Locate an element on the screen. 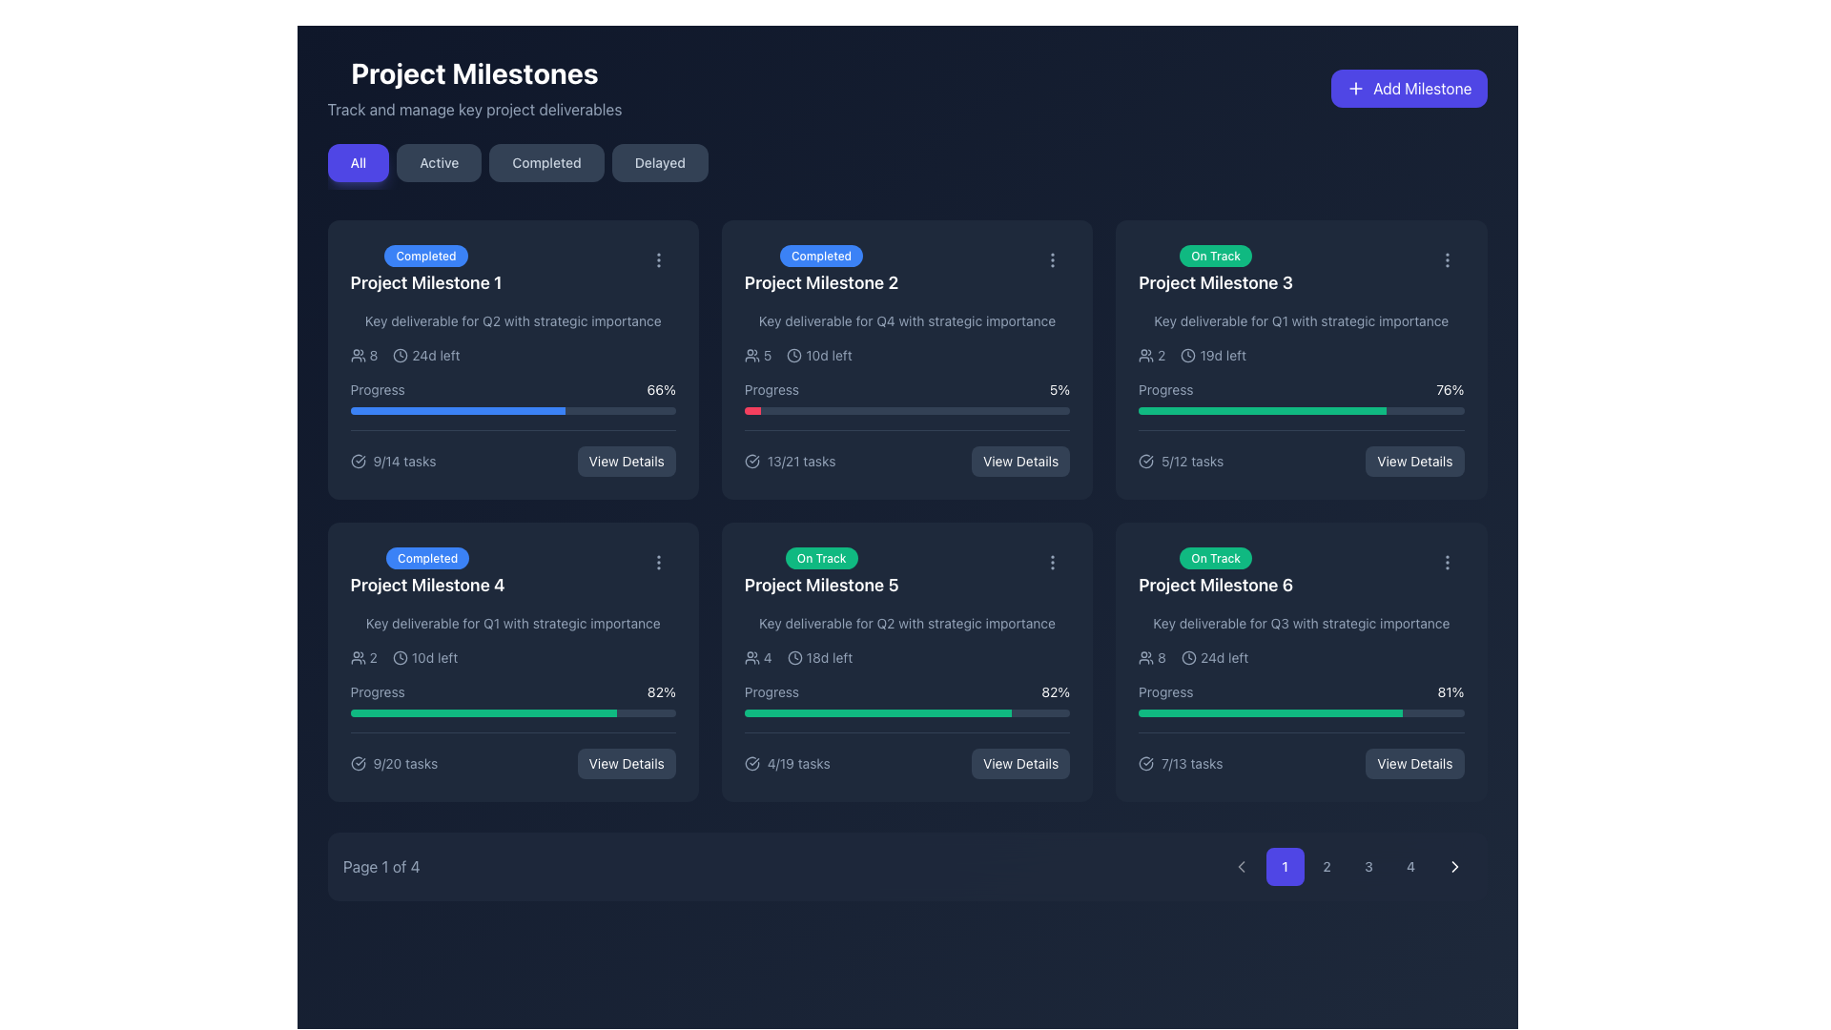 The height and width of the screenshot is (1030, 1831). the button located in the bottom-right corner of the card for 'Project Milestone 6' is located at coordinates (1414, 763).